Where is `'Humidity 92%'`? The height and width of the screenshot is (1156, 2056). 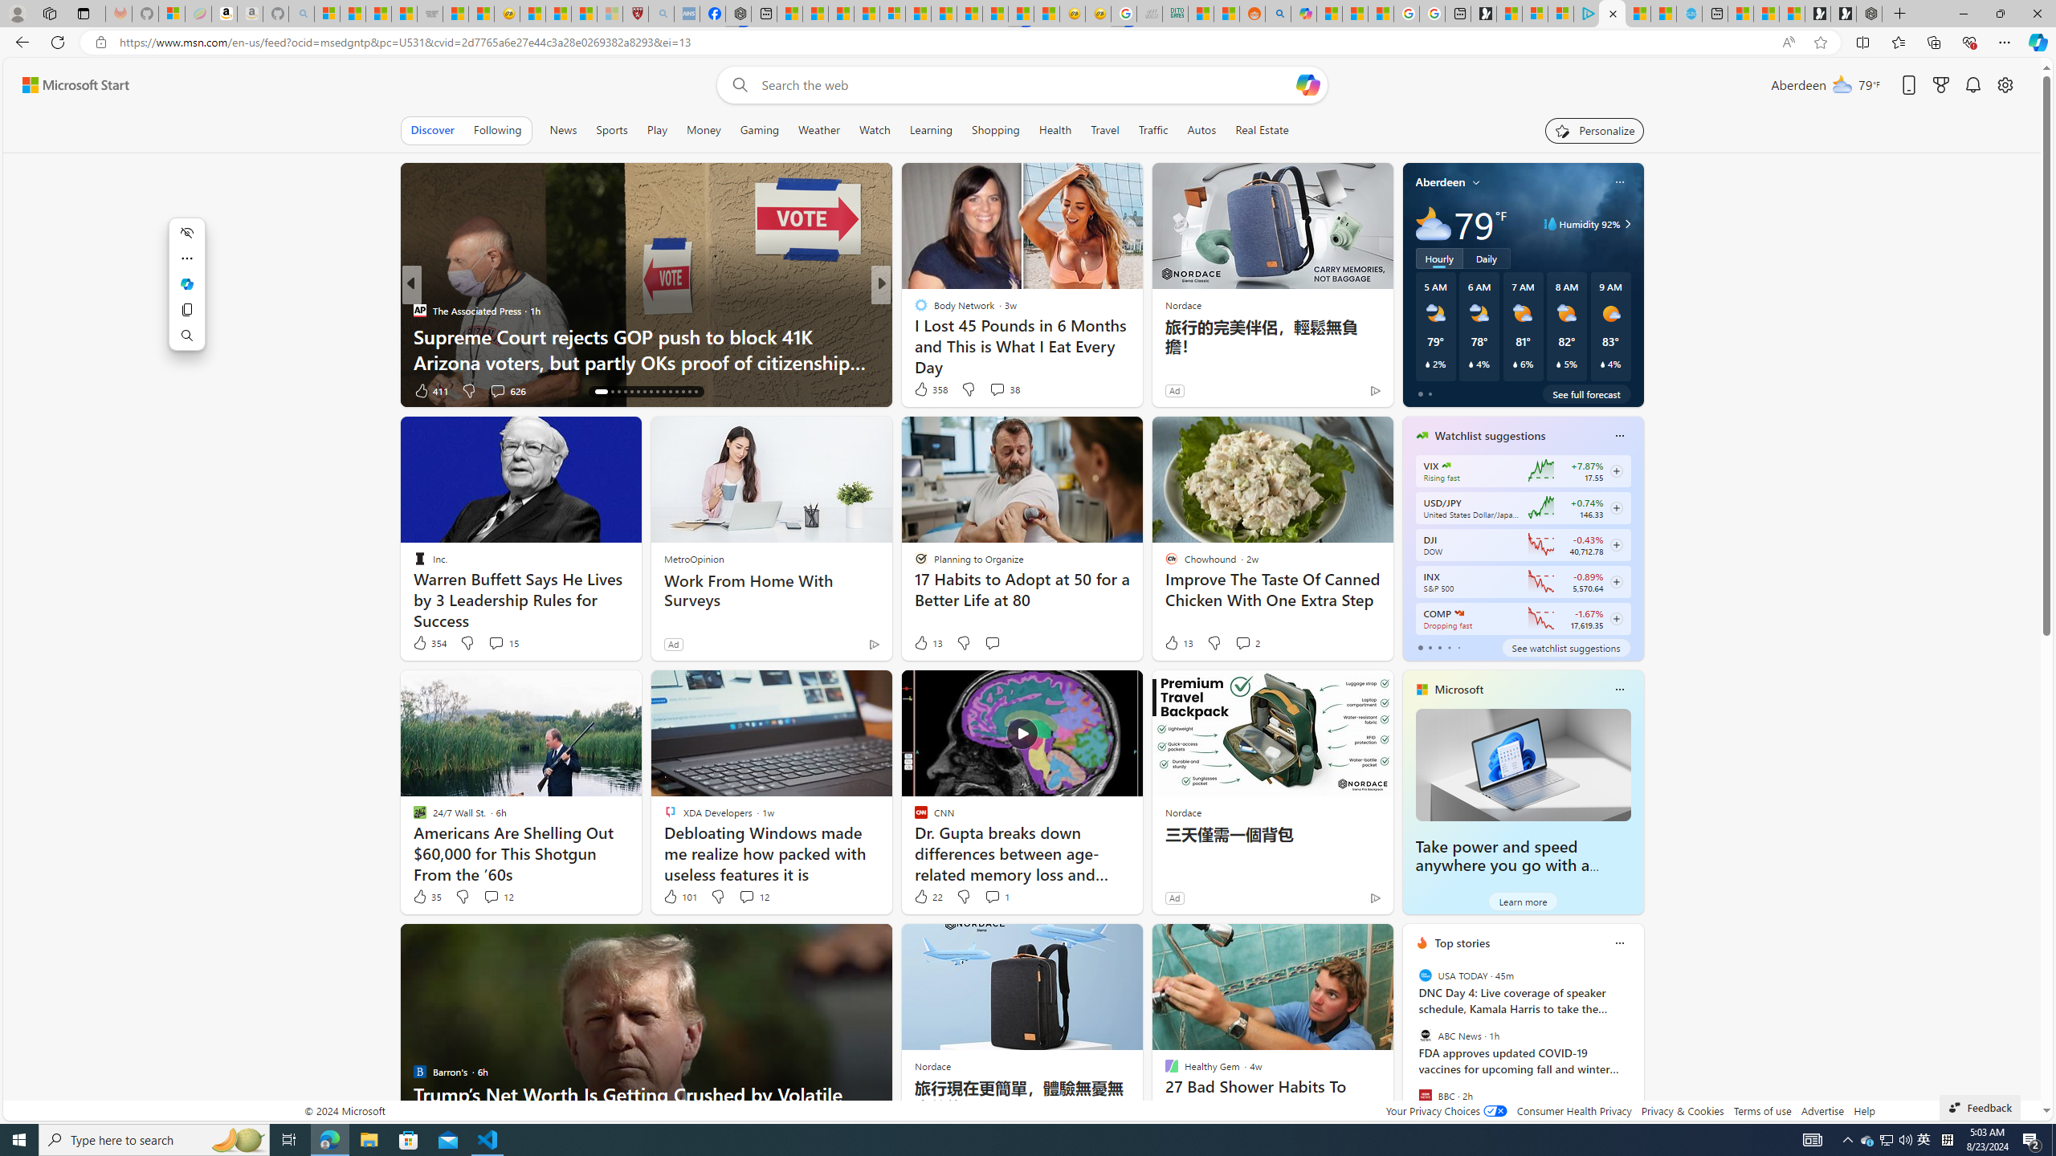 'Humidity 92%' is located at coordinates (1624, 224).